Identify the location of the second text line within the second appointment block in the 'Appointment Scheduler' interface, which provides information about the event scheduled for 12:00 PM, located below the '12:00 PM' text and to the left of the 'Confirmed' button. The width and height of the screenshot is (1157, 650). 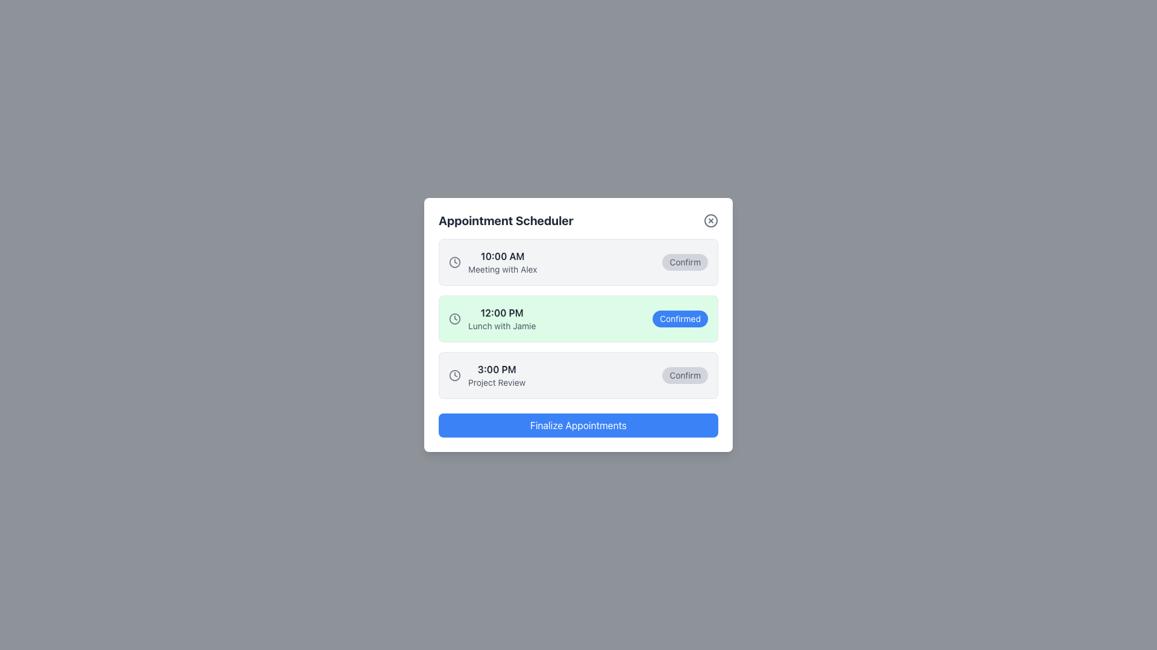
(502, 326).